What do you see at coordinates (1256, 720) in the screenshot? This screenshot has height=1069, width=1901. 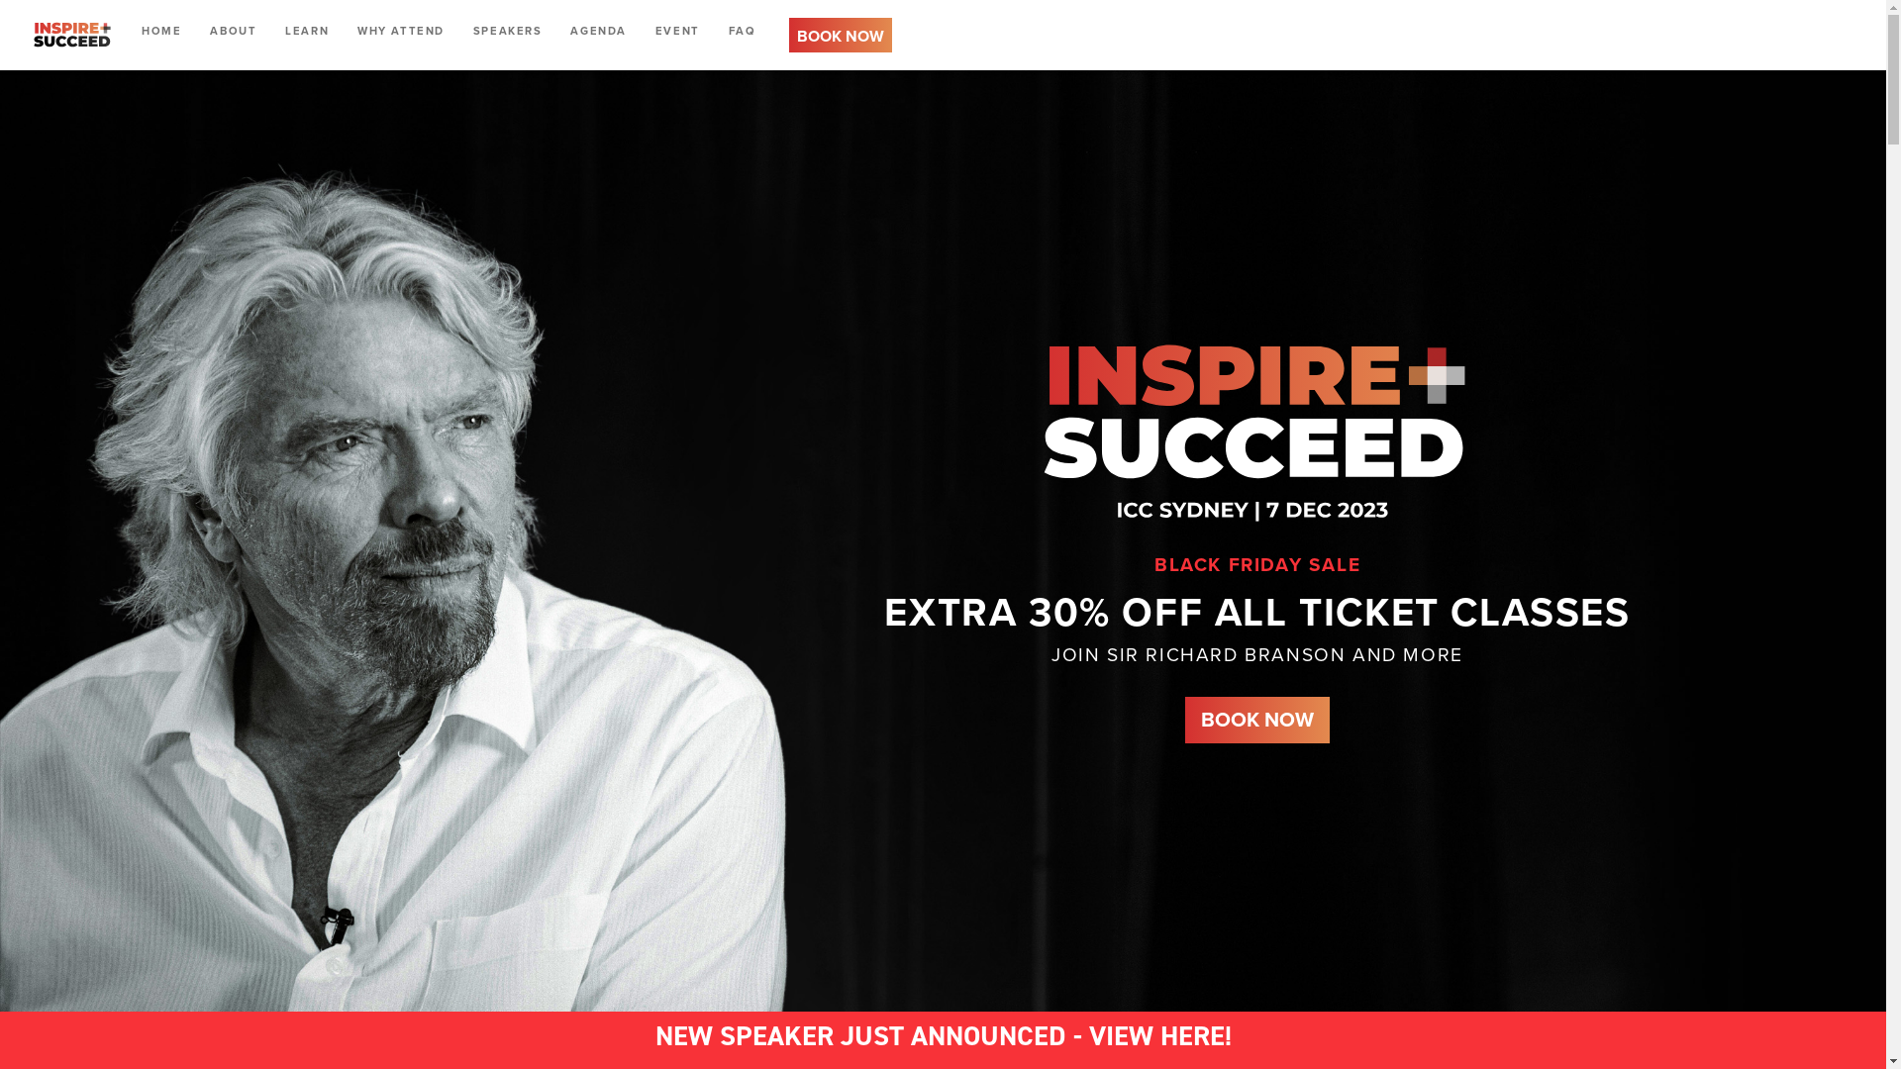 I see `'BOOK NOW'` at bounding box center [1256, 720].